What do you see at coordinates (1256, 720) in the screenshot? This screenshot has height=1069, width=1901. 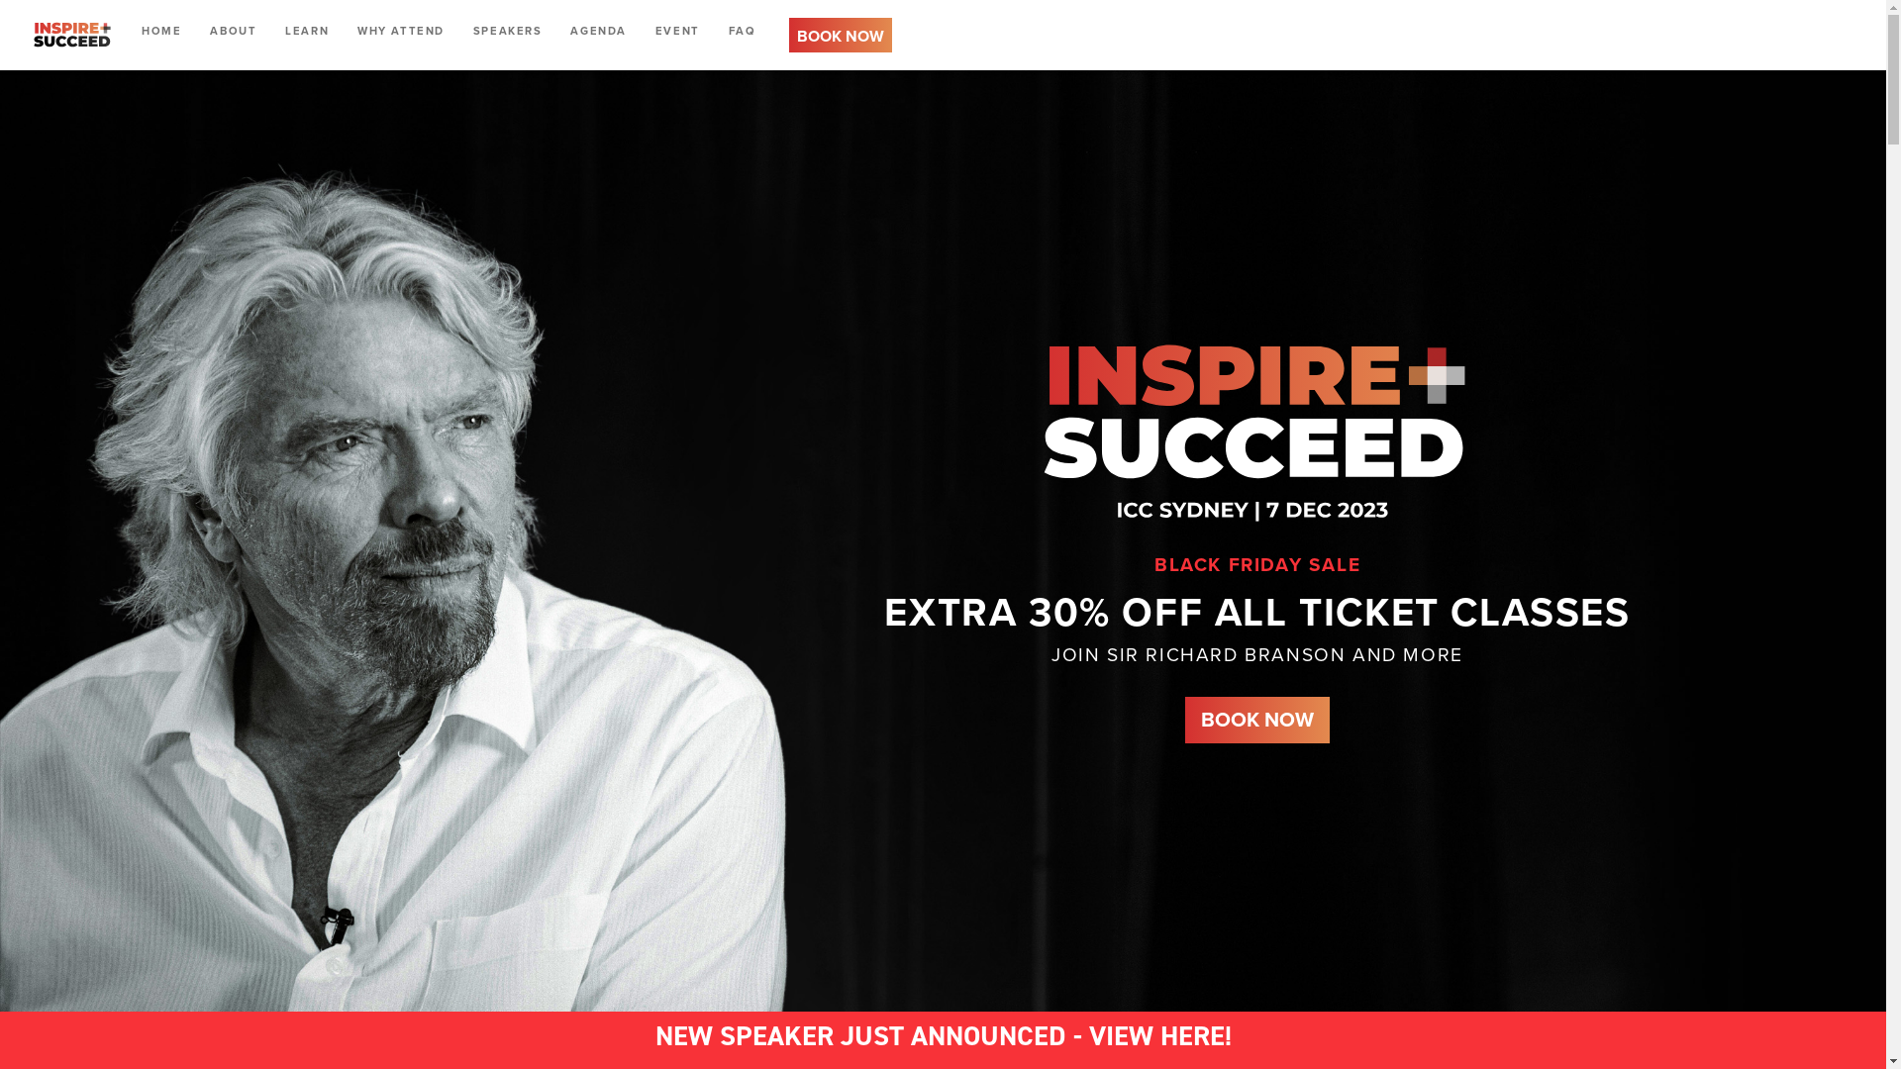 I see `'BOOK NOW'` at bounding box center [1256, 720].